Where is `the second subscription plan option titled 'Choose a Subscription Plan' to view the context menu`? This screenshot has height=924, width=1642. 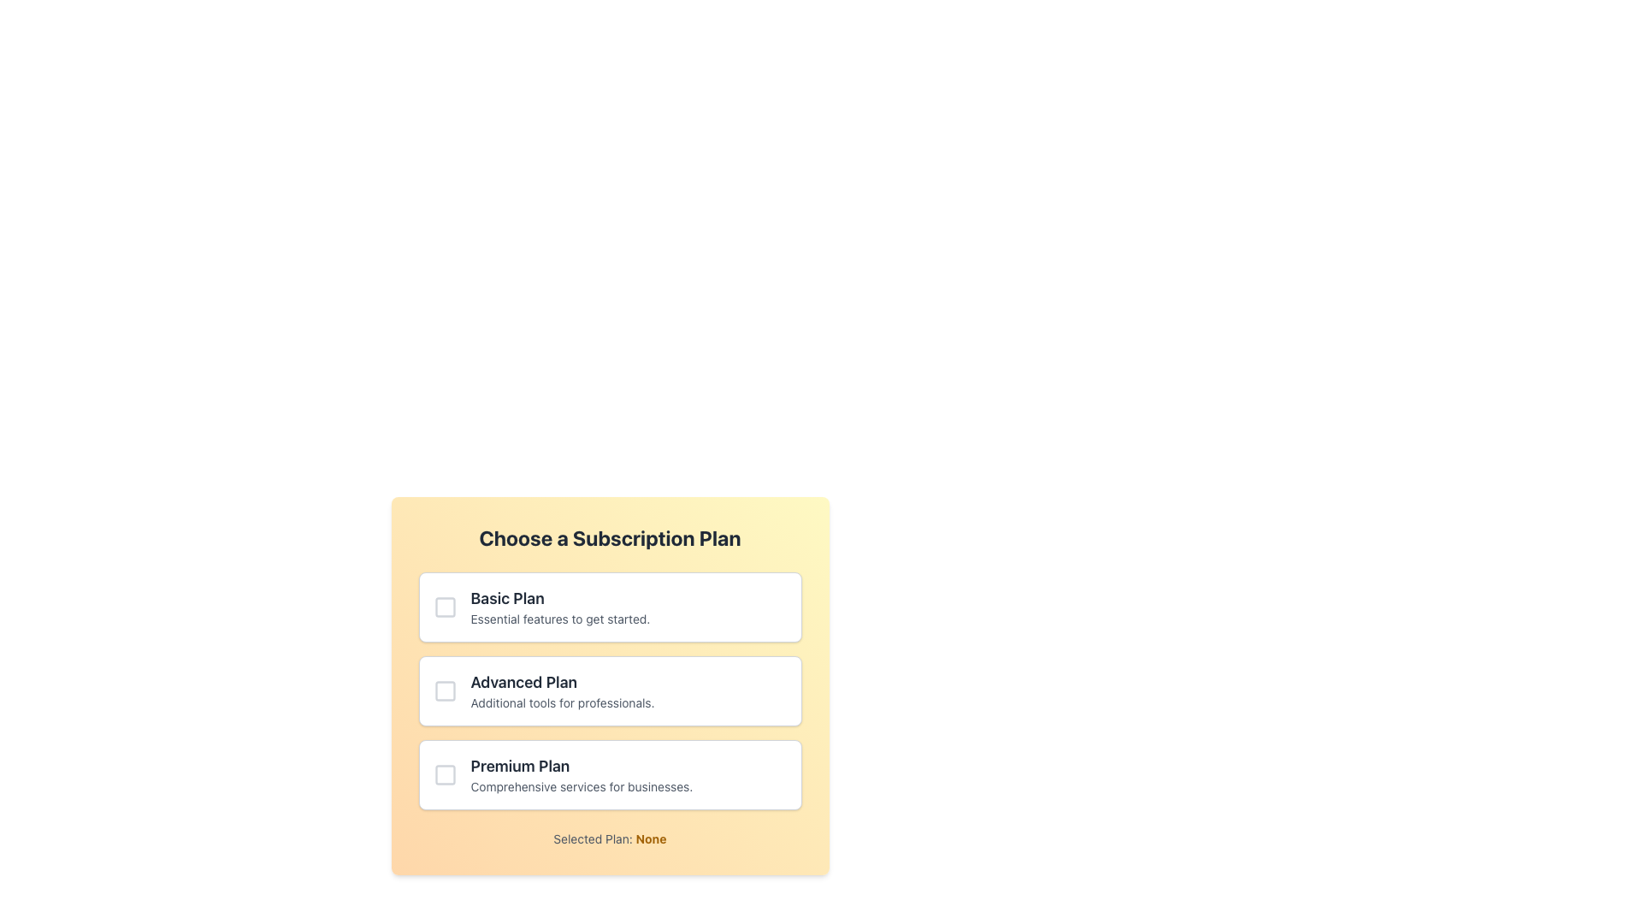
the second subscription plan option titled 'Choose a Subscription Plan' to view the context menu is located at coordinates (610, 685).